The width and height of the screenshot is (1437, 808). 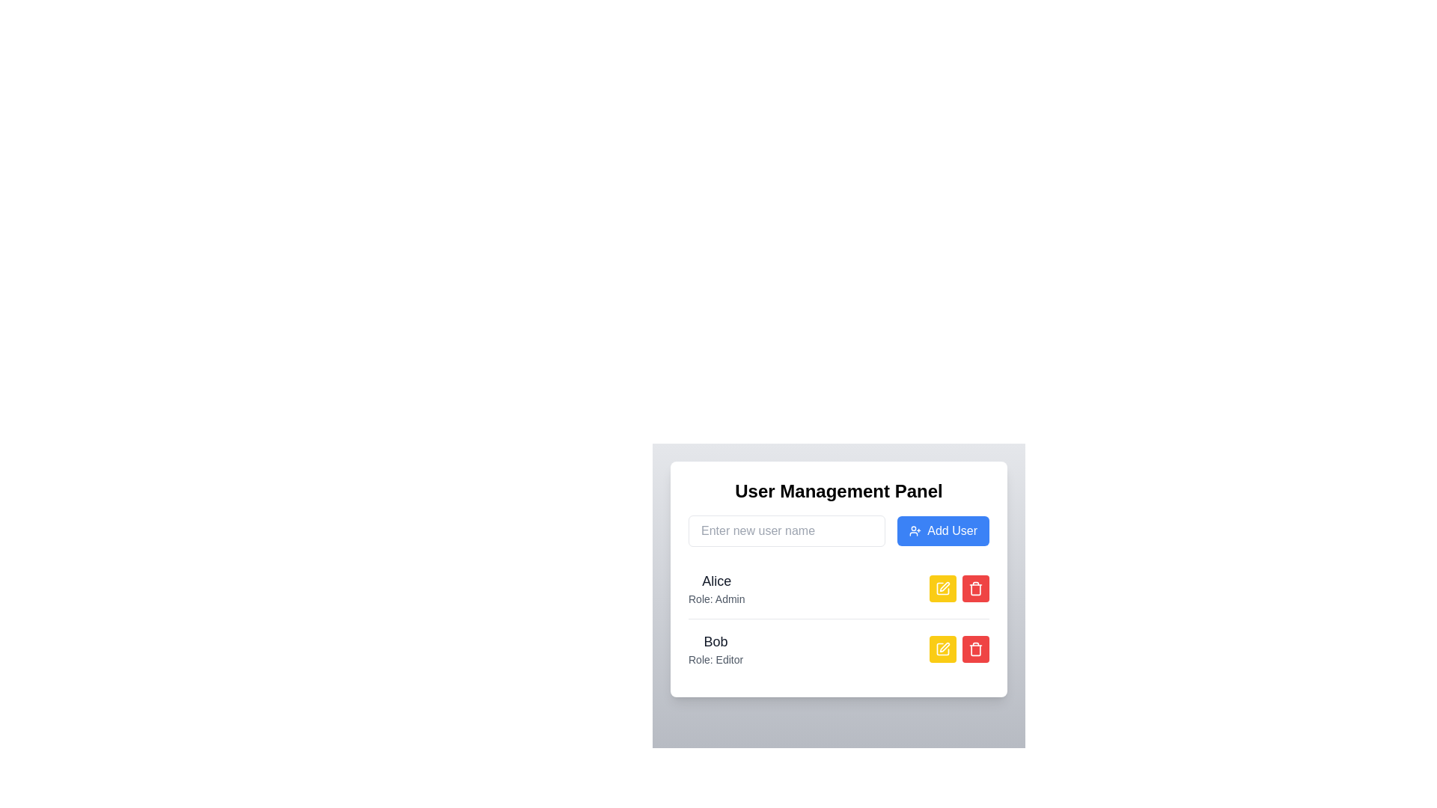 What do you see at coordinates (976, 587) in the screenshot?
I see `the delete action button located in the second row of the User Management Panel, aligned to the right, following the yellow edit button` at bounding box center [976, 587].